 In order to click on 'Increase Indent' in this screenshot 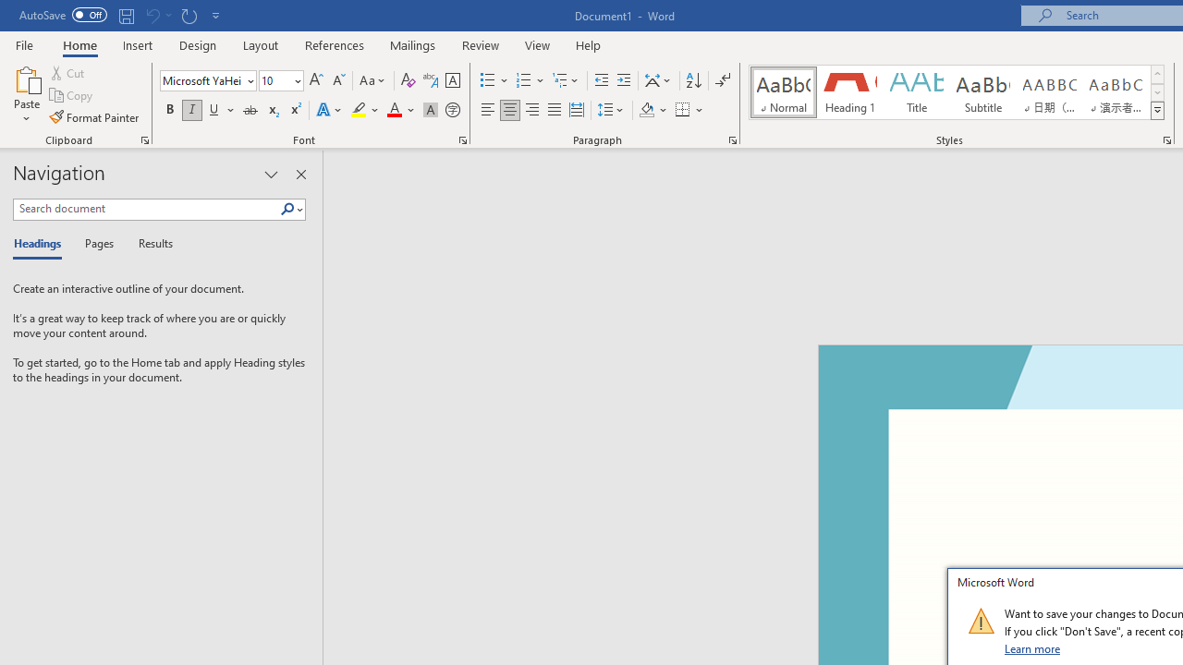, I will do `click(624, 79)`.